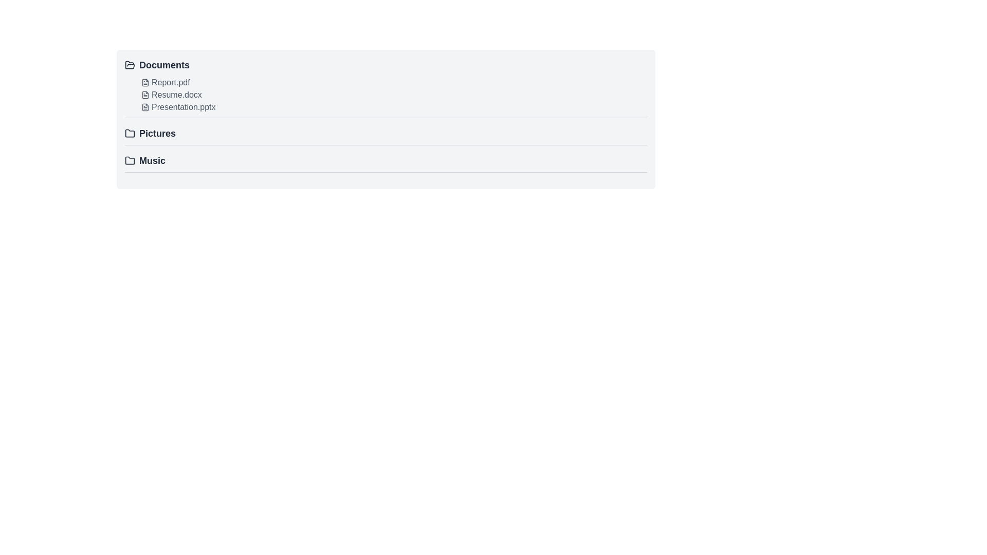 The image size is (987, 555). What do you see at coordinates (130, 133) in the screenshot?
I see `the folder icon that has a simplistic outline design, located to the left of the 'Pictures' label` at bounding box center [130, 133].